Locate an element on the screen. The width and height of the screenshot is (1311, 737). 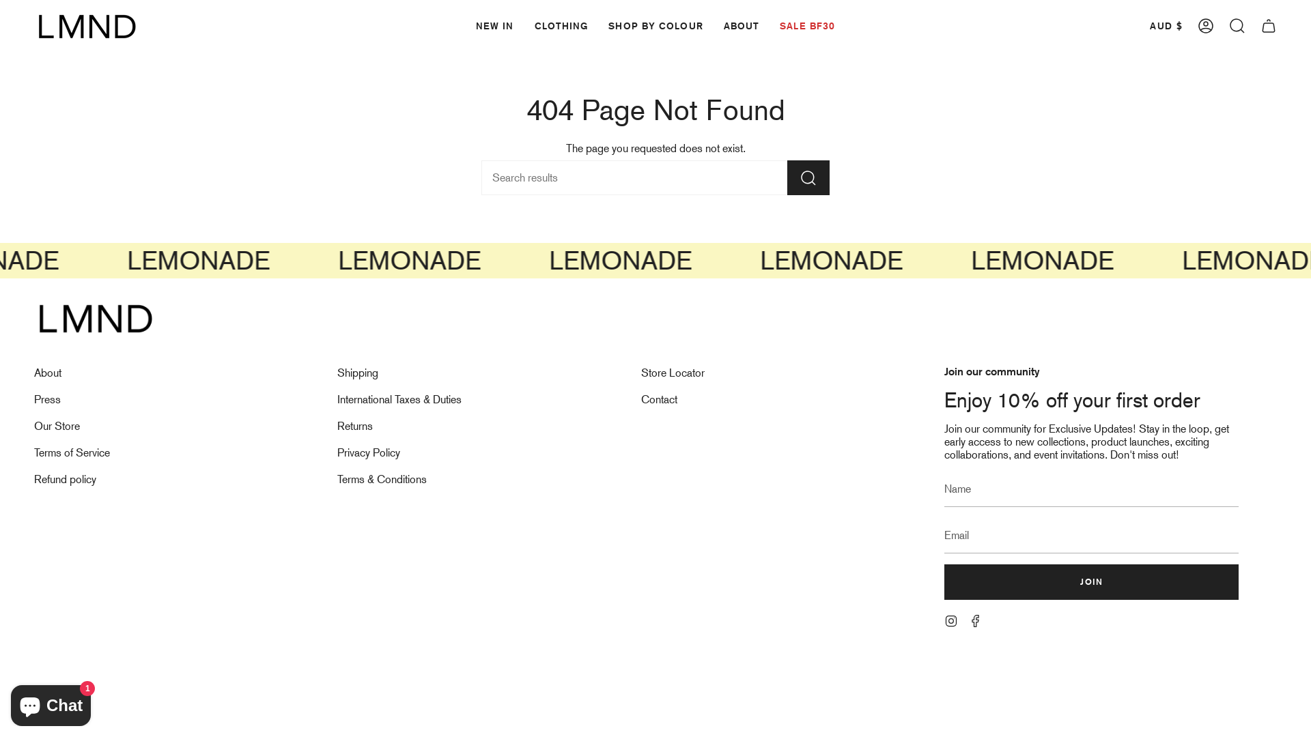
'Terms of Service' is located at coordinates (33, 452).